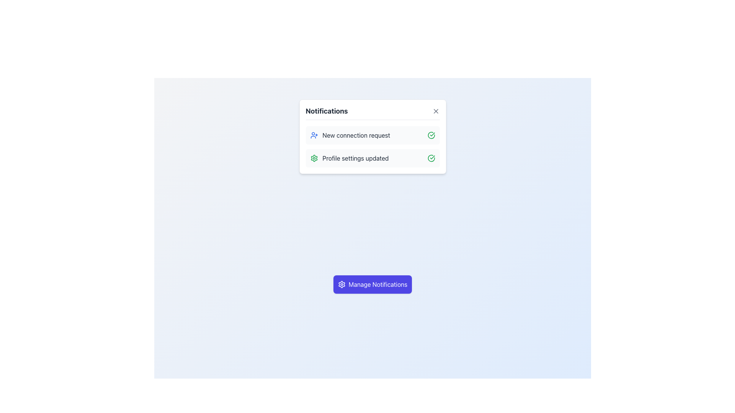 The height and width of the screenshot is (413, 735). I want to click on the close button ("X" icon) in the upper-right corner of the notification panel, so click(436, 111).